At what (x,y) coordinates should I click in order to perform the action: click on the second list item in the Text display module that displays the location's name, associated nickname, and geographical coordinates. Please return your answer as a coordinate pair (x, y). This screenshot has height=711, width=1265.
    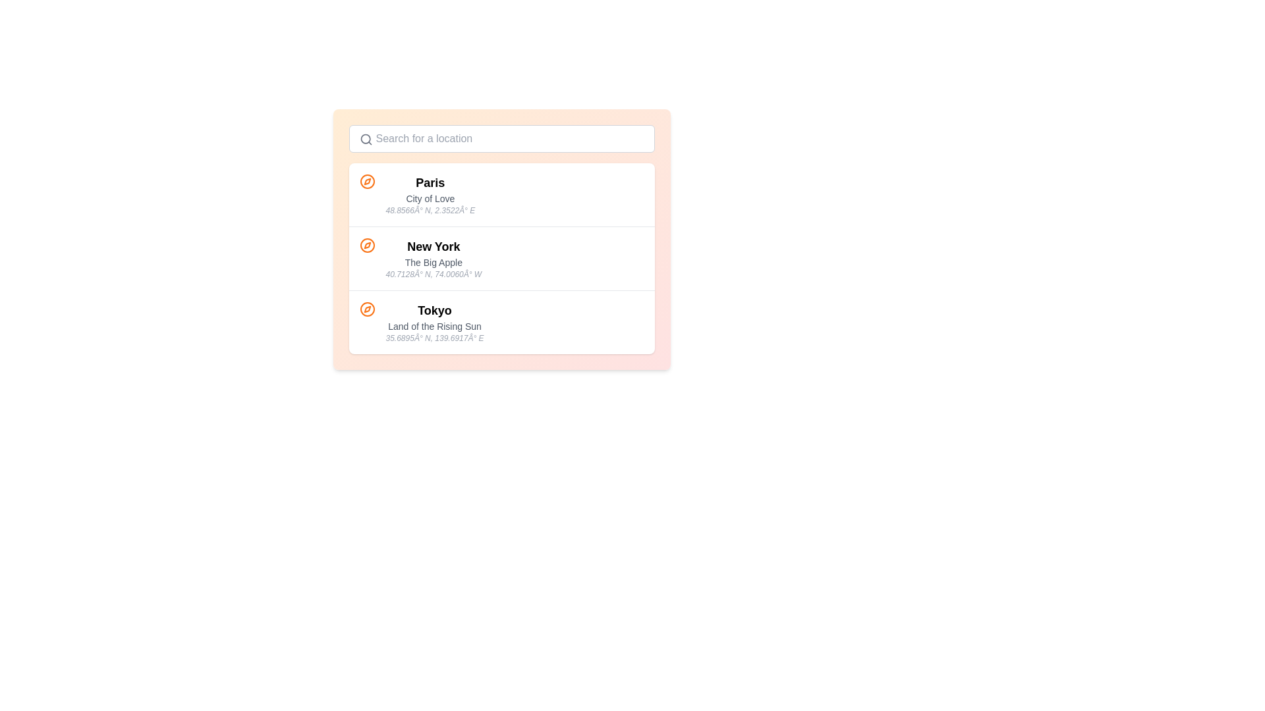
    Looking at the image, I should click on (434, 259).